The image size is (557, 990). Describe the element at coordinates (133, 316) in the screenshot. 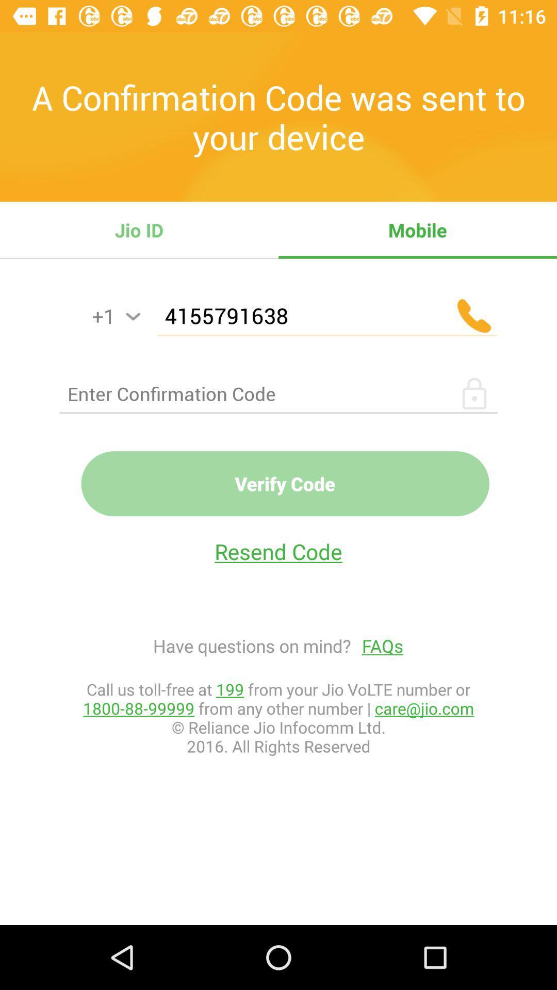

I see `the icon next to the 4155791638 icon` at that location.